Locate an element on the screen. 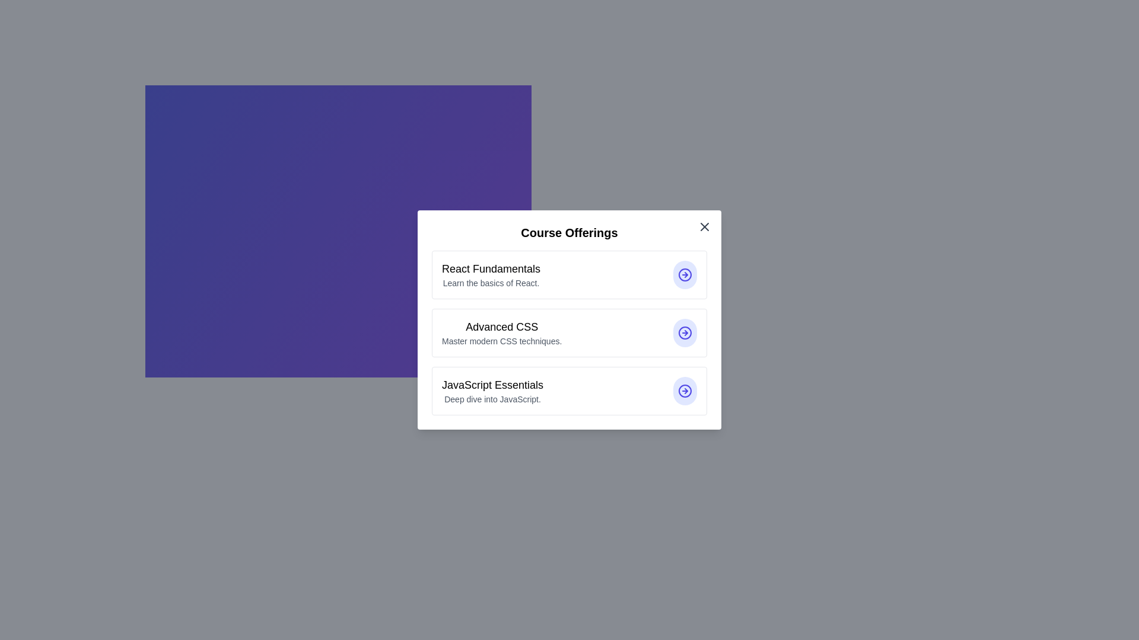 The height and width of the screenshot is (640, 1139). the icon button is located at coordinates (685, 391).